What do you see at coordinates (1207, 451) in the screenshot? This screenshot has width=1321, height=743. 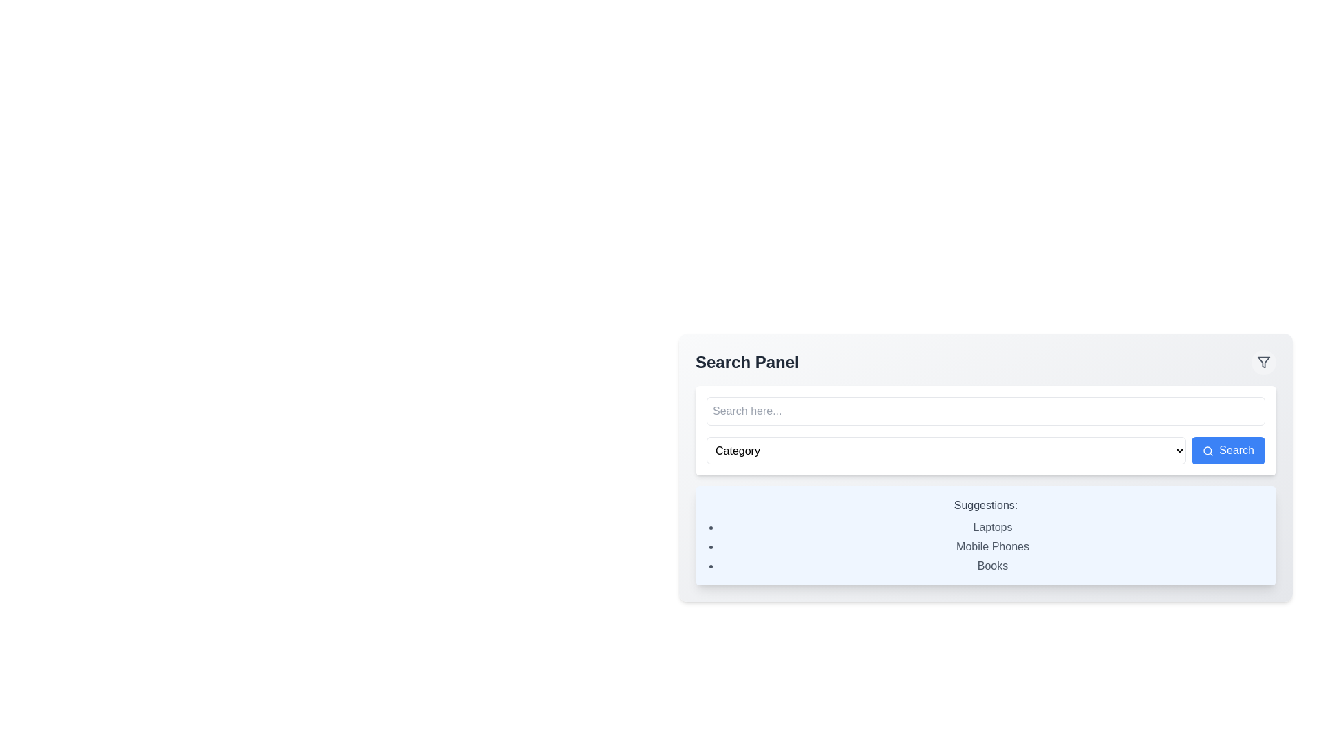 I see `the small search icon, which is a magnifying glass located within the 'Search' button on the right side of the input fields in the 'Search Panel' section` at bounding box center [1207, 451].